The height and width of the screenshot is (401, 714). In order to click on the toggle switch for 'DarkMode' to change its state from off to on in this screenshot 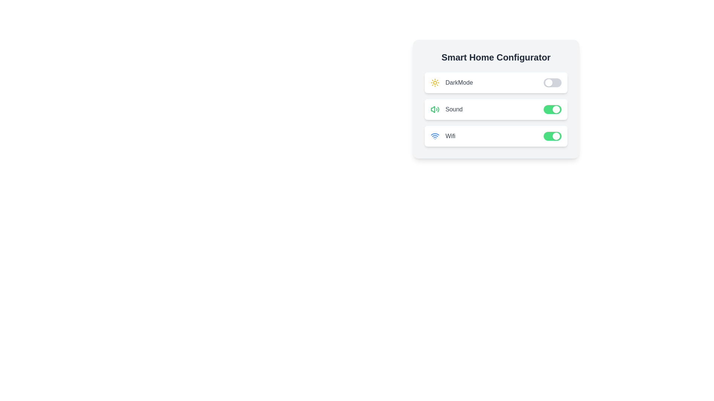, I will do `click(496, 83)`.